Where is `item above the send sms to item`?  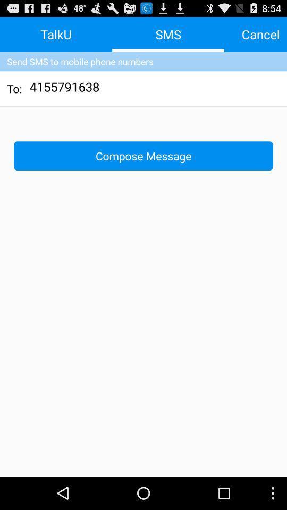
item above the send sms to item is located at coordinates (260, 34).